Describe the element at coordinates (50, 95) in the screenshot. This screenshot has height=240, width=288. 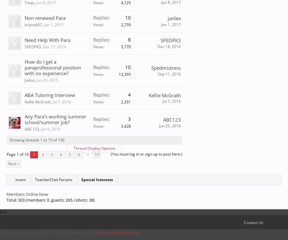
I see `'ABA Tutoring Interview'` at that location.